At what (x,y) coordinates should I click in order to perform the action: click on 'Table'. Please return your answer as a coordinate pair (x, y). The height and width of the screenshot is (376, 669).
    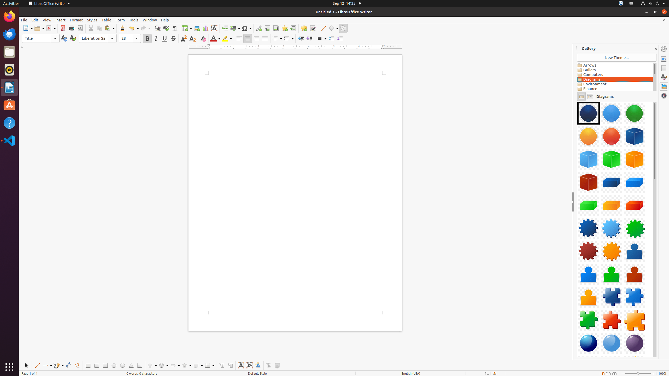
    Looking at the image, I should click on (106, 20).